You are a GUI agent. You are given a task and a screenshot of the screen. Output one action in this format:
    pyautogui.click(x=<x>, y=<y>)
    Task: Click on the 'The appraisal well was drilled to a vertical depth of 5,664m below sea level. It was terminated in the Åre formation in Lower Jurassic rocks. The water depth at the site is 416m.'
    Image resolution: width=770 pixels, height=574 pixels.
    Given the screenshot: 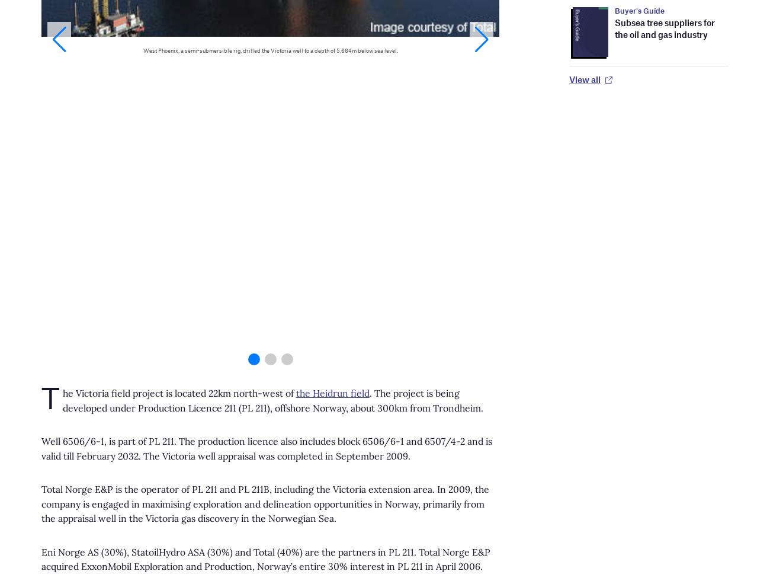 What is the action you would take?
    pyautogui.click(x=262, y=111)
    